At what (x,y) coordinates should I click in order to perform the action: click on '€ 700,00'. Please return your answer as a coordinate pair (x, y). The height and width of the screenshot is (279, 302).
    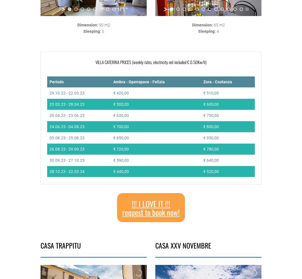
    Looking at the image, I should click on (121, 126).